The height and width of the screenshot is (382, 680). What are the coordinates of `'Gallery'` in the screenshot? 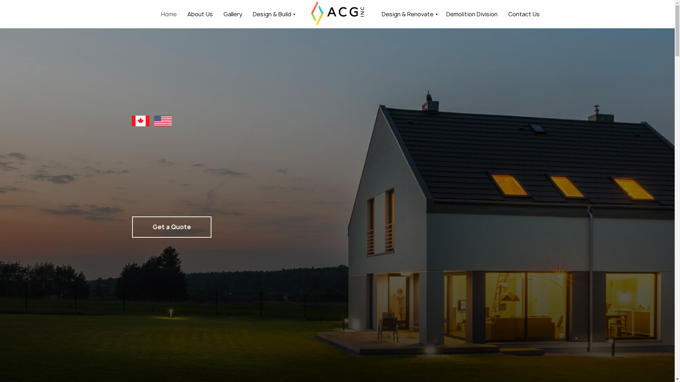 It's located at (232, 13).